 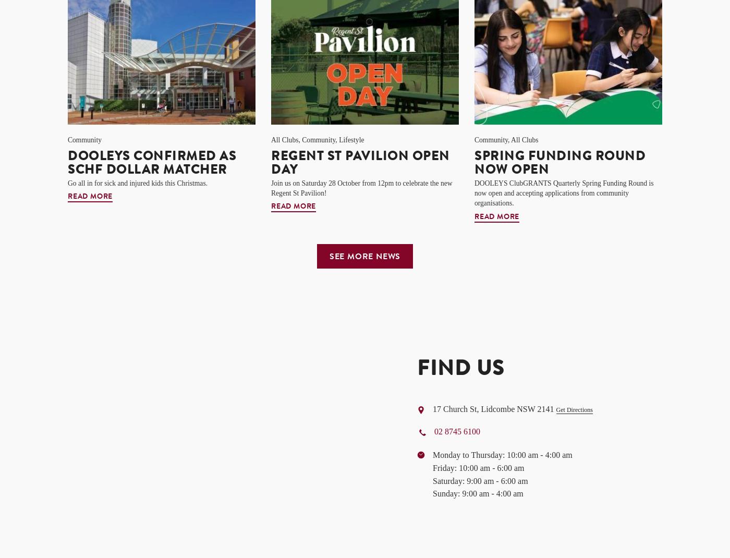 I want to click on '9:00 am - 6:00 am', so click(x=466, y=480).